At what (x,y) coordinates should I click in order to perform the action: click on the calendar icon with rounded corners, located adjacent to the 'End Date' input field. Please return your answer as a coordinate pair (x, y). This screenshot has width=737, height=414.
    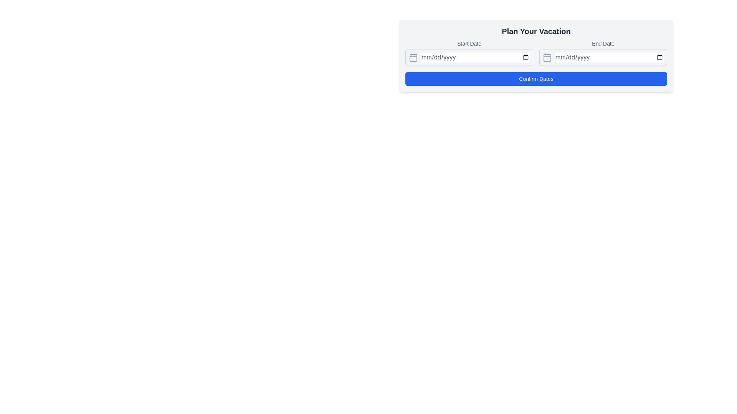
    Looking at the image, I should click on (547, 57).